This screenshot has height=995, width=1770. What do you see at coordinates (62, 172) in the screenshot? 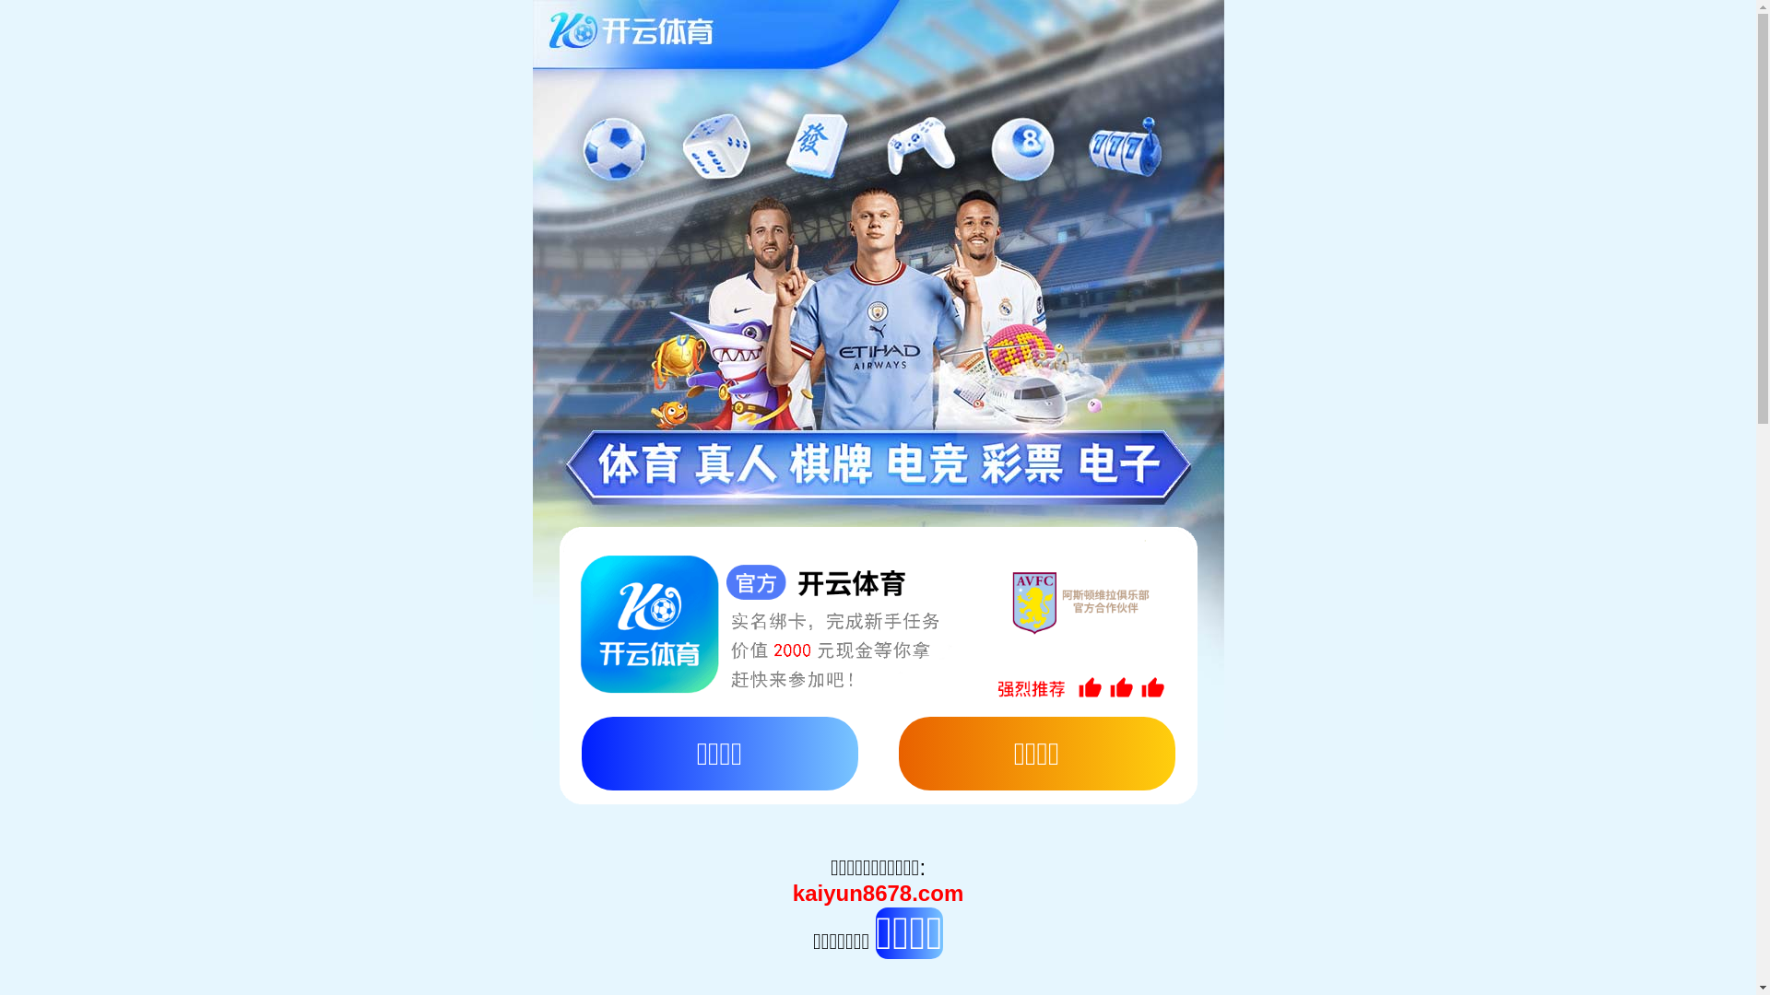
I see `'Toggle navigation'` at bounding box center [62, 172].